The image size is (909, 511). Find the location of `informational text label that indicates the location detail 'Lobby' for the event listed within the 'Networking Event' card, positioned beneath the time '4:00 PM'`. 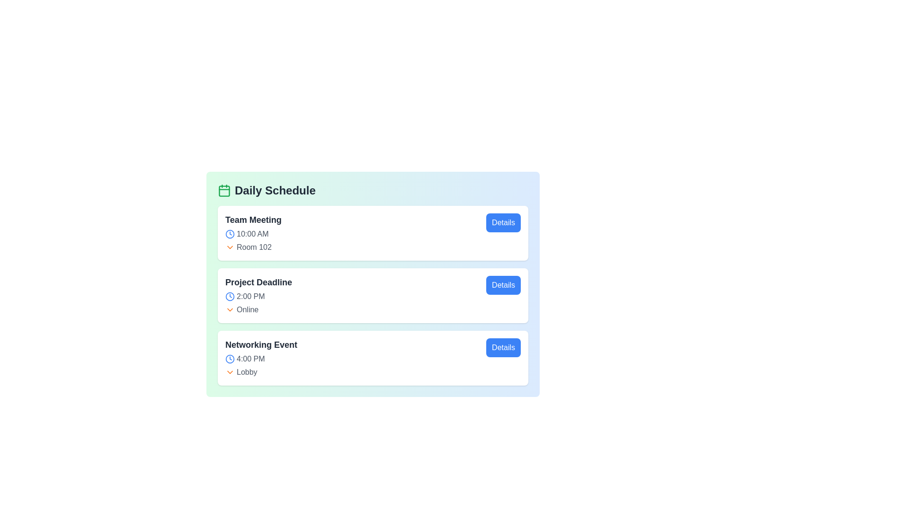

informational text label that indicates the location detail 'Lobby' for the event listed within the 'Networking Event' card, positioned beneath the time '4:00 PM' is located at coordinates (247, 371).